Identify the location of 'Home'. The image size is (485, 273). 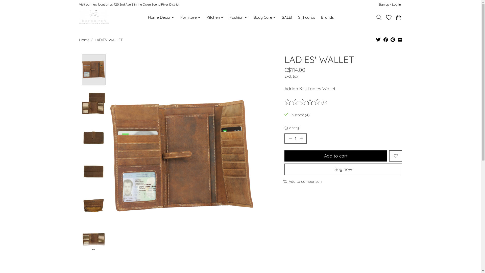
(84, 39).